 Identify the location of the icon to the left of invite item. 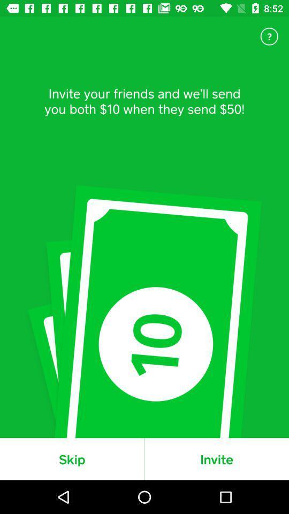
(72, 458).